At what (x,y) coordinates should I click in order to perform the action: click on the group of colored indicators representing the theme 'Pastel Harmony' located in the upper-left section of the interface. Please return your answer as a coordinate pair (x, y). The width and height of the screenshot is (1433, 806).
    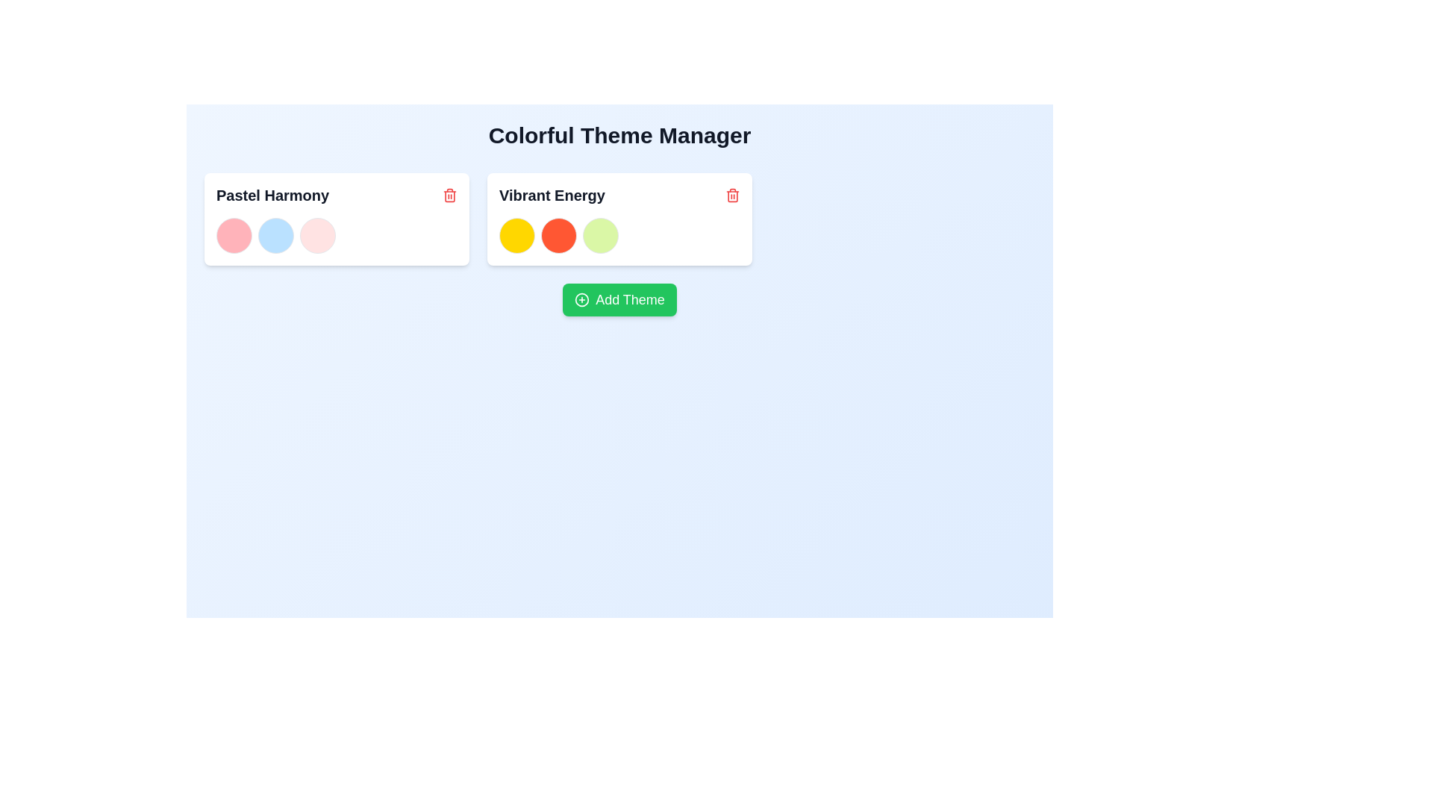
    Looking at the image, I should click on (336, 235).